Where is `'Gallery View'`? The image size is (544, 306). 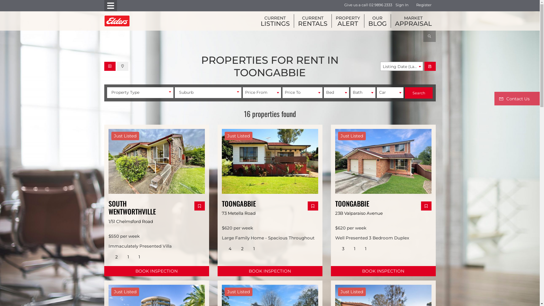 'Gallery View' is located at coordinates (110, 66).